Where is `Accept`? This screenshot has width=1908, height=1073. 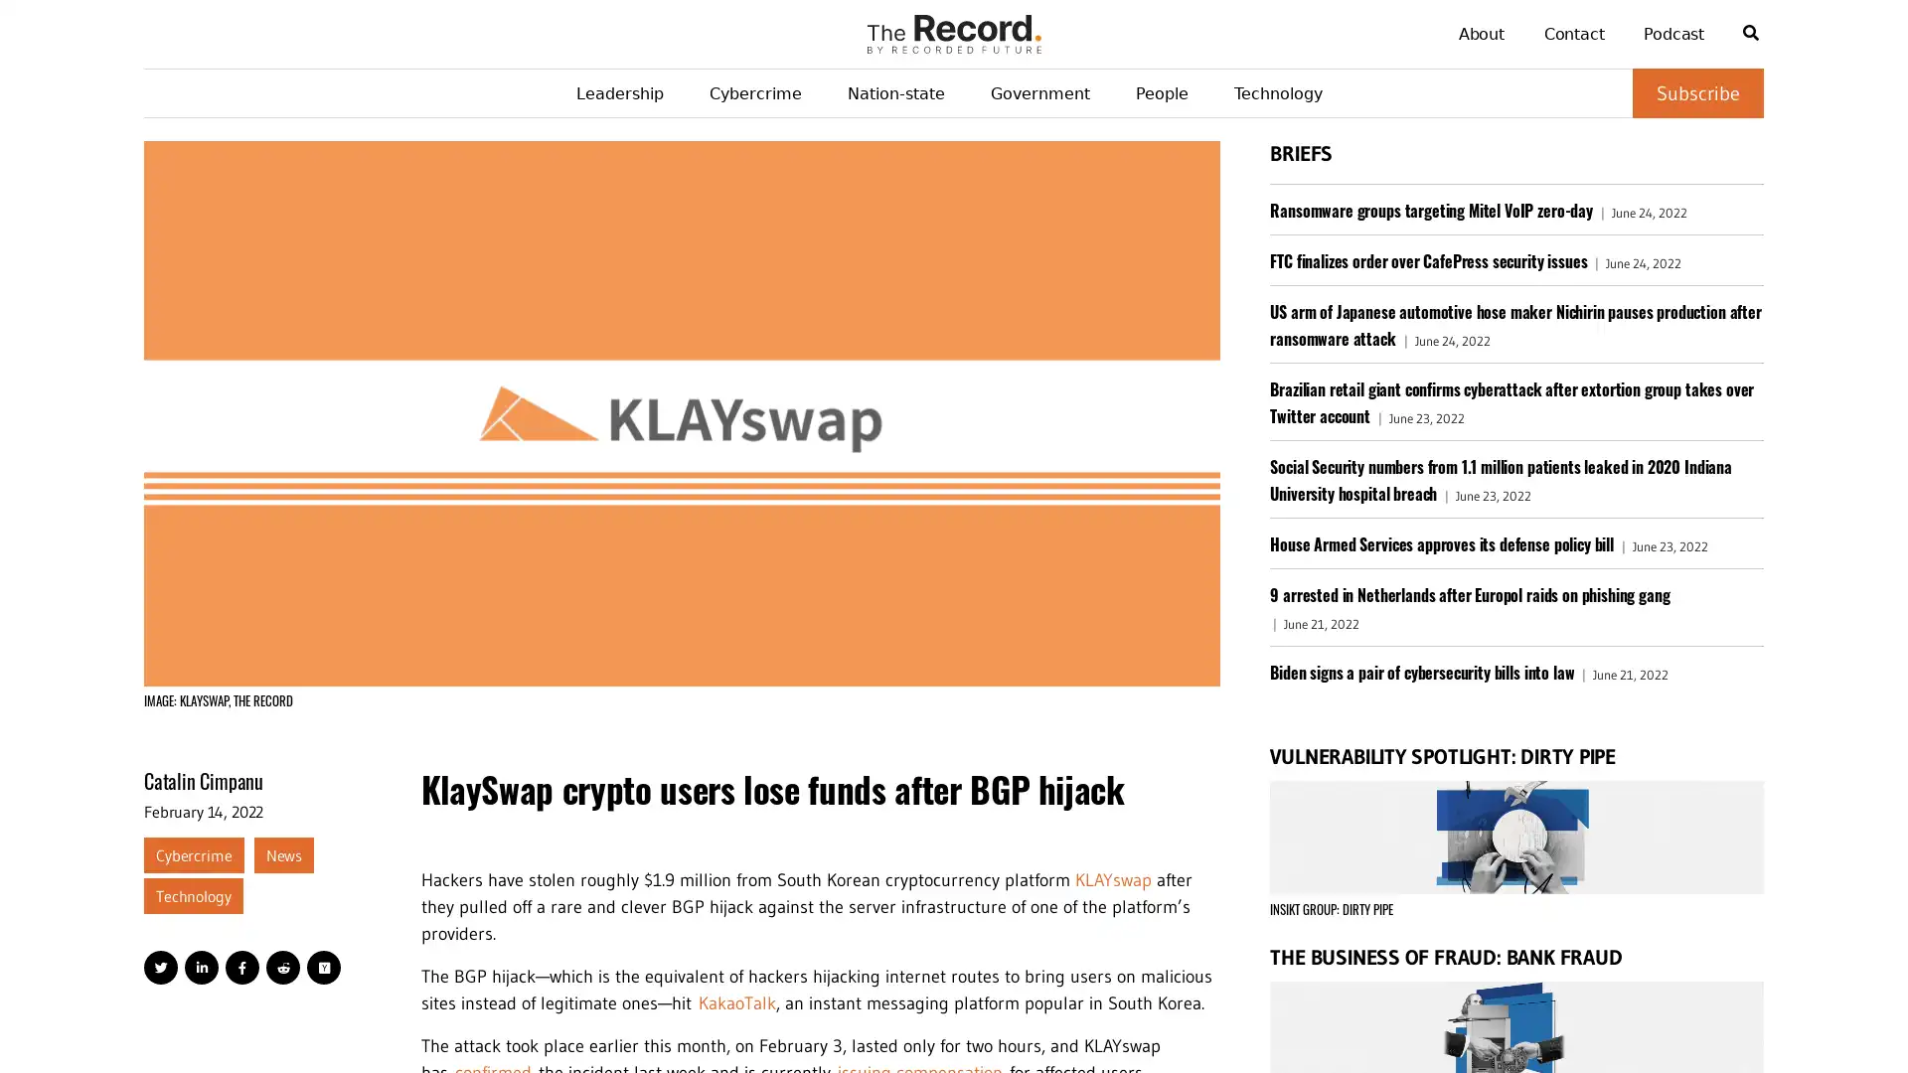
Accept is located at coordinates (1838, 1023).